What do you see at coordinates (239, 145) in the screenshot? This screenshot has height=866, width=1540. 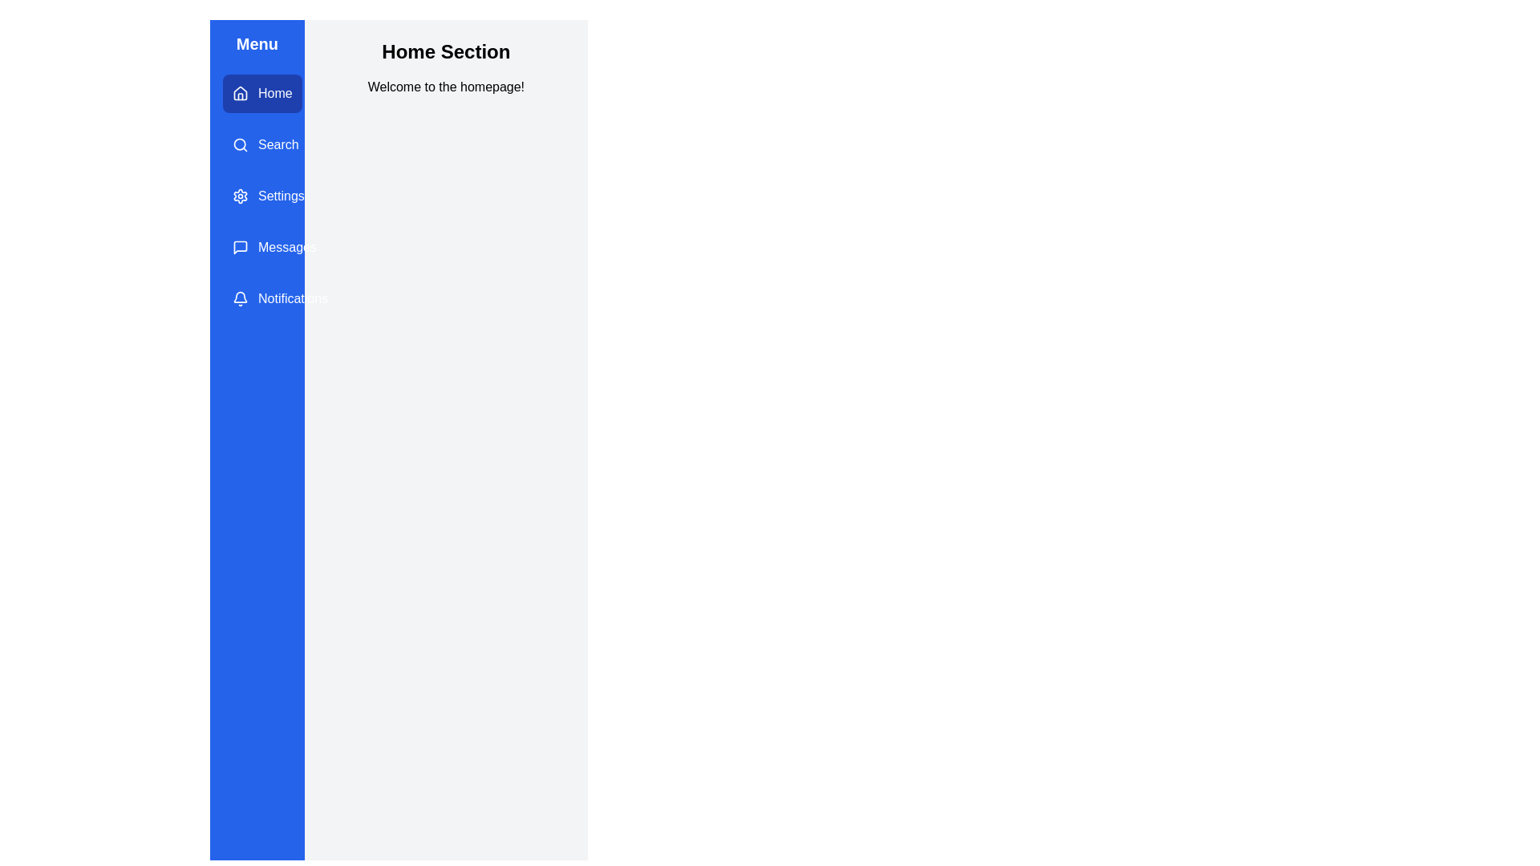 I see `the 'Search' menu item in the vertical sidebar menu that contains the blue magnifying glass icon` at bounding box center [239, 145].